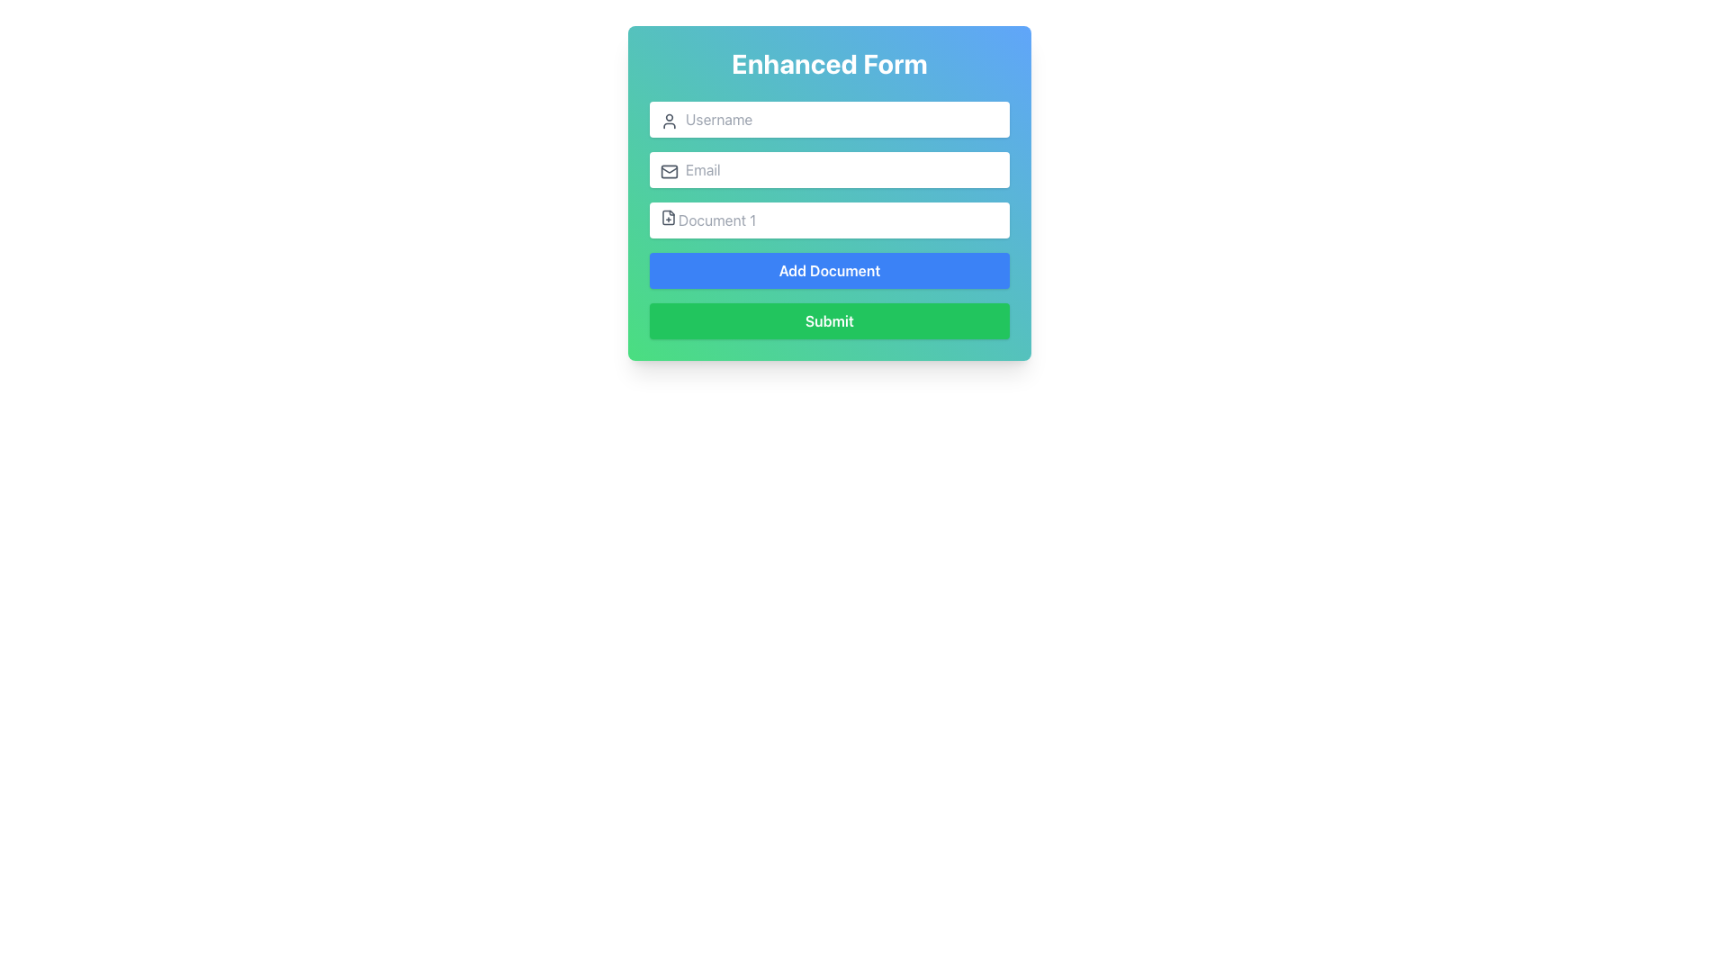  What do you see at coordinates (669, 172) in the screenshot?
I see `the small rectangular box within the mail icon, which is part of the visual embellishment for the 'Email' input field` at bounding box center [669, 172].